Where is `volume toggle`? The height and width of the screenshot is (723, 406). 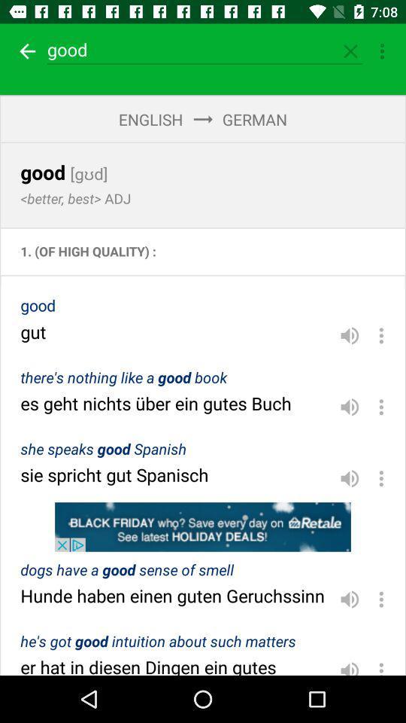 volume toggle is located at coordinates (350, 477).